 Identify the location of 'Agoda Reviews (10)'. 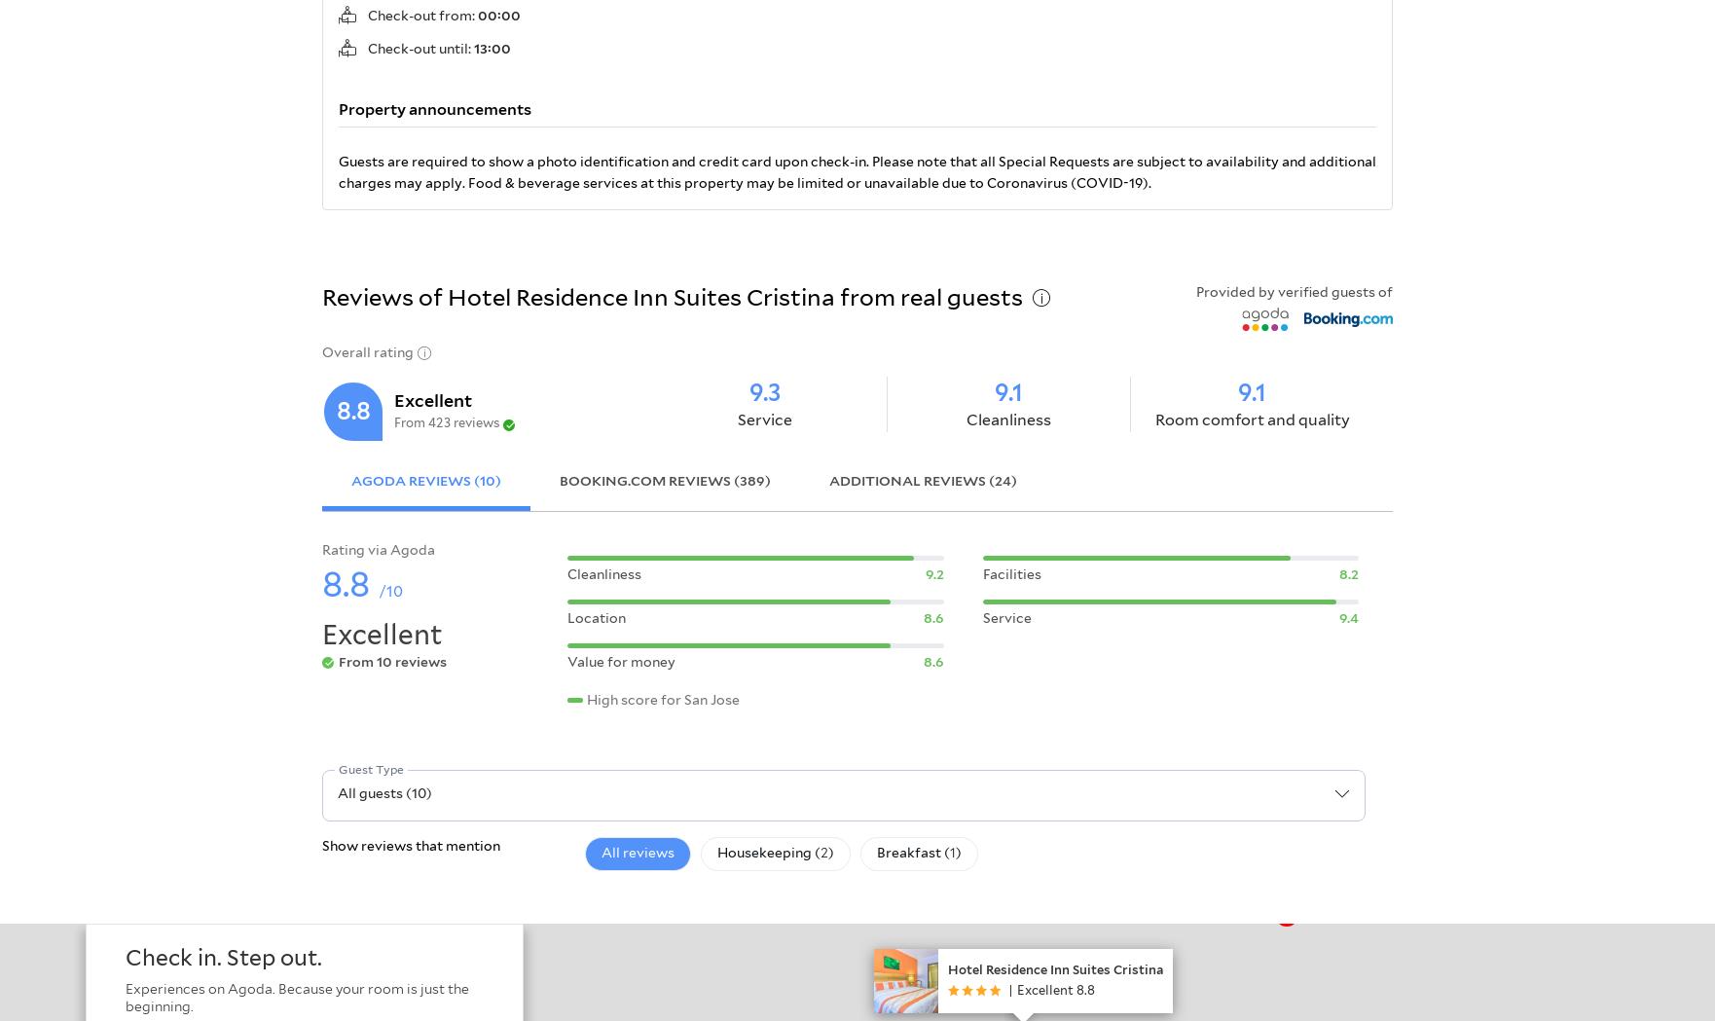
(426, 479).